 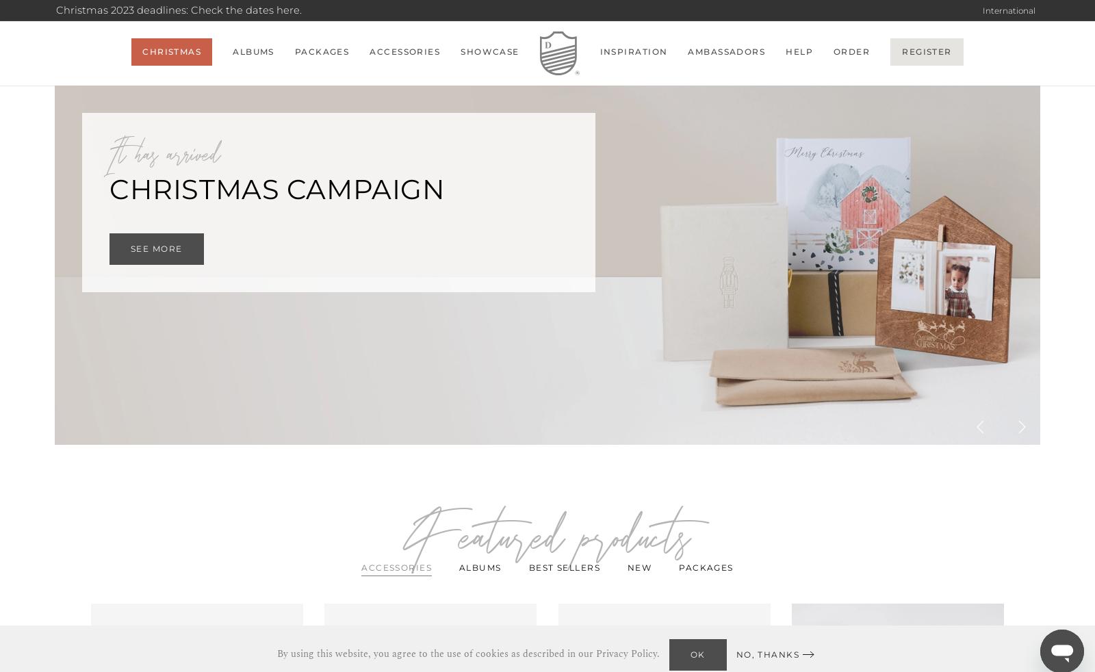 What do you see at coordinates (697, 654) in the screenshot?
I see `'Ok'` at bounding box center [697, 654].